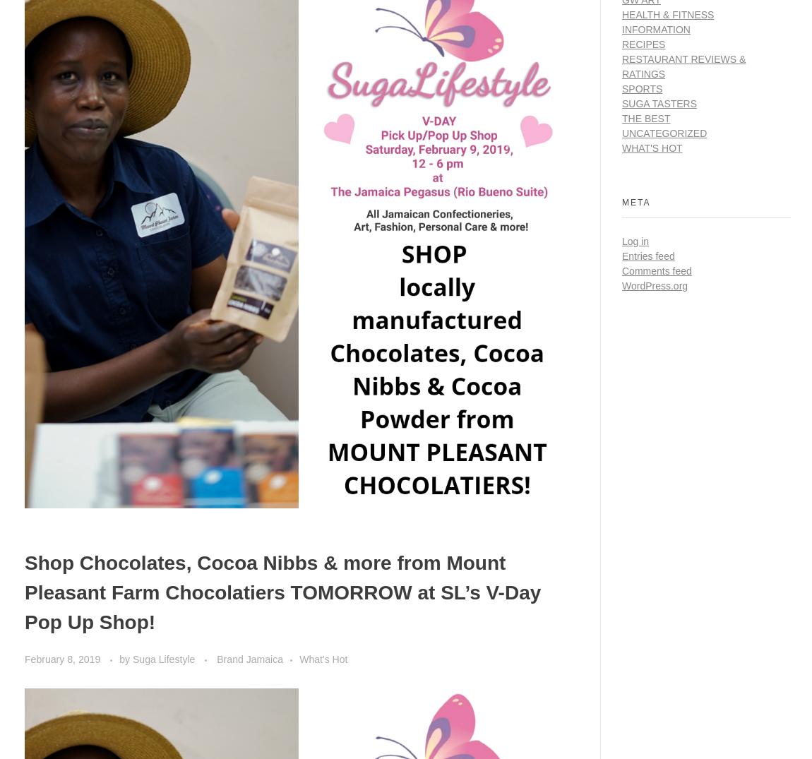 This screenshot has width=812, height=759. I want to click on 'Brand Jamaica', so click(249, 659).